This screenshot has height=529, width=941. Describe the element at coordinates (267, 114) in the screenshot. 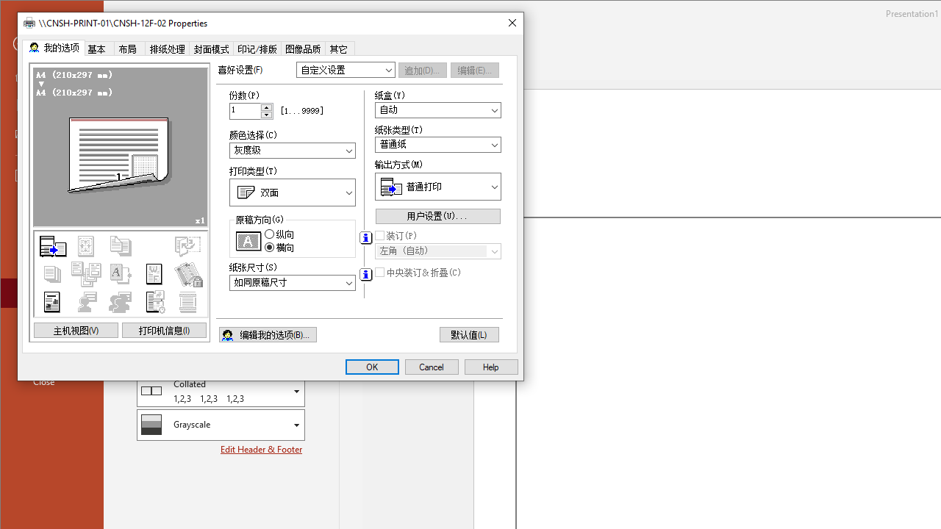

I see `'Less'` at that location.